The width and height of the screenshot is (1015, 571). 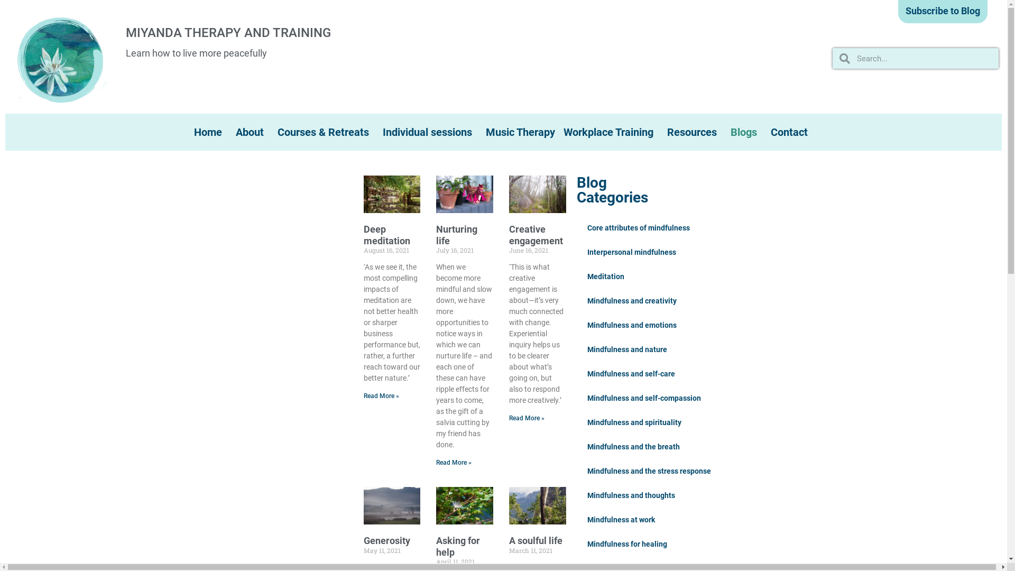 What do you see at coordinates (695, 132) in the screenshot?
I see `'Resources'` at bounding box center [695, 132].